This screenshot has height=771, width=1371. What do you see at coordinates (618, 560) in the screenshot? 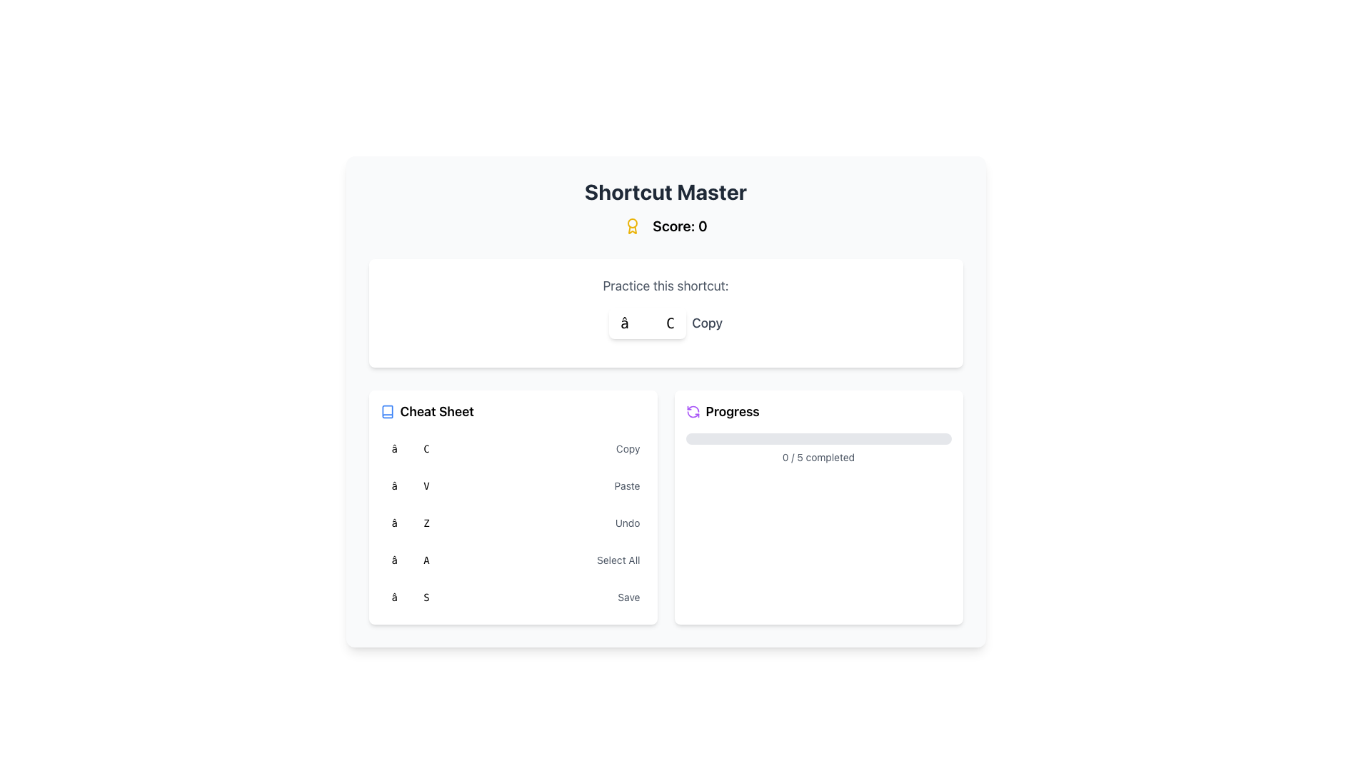
I see `the text label that describes the shortcut '⌘ A' in the 'Cheat Sheet' section, which is the fifth item in the list` at bounding box center [618, 560].